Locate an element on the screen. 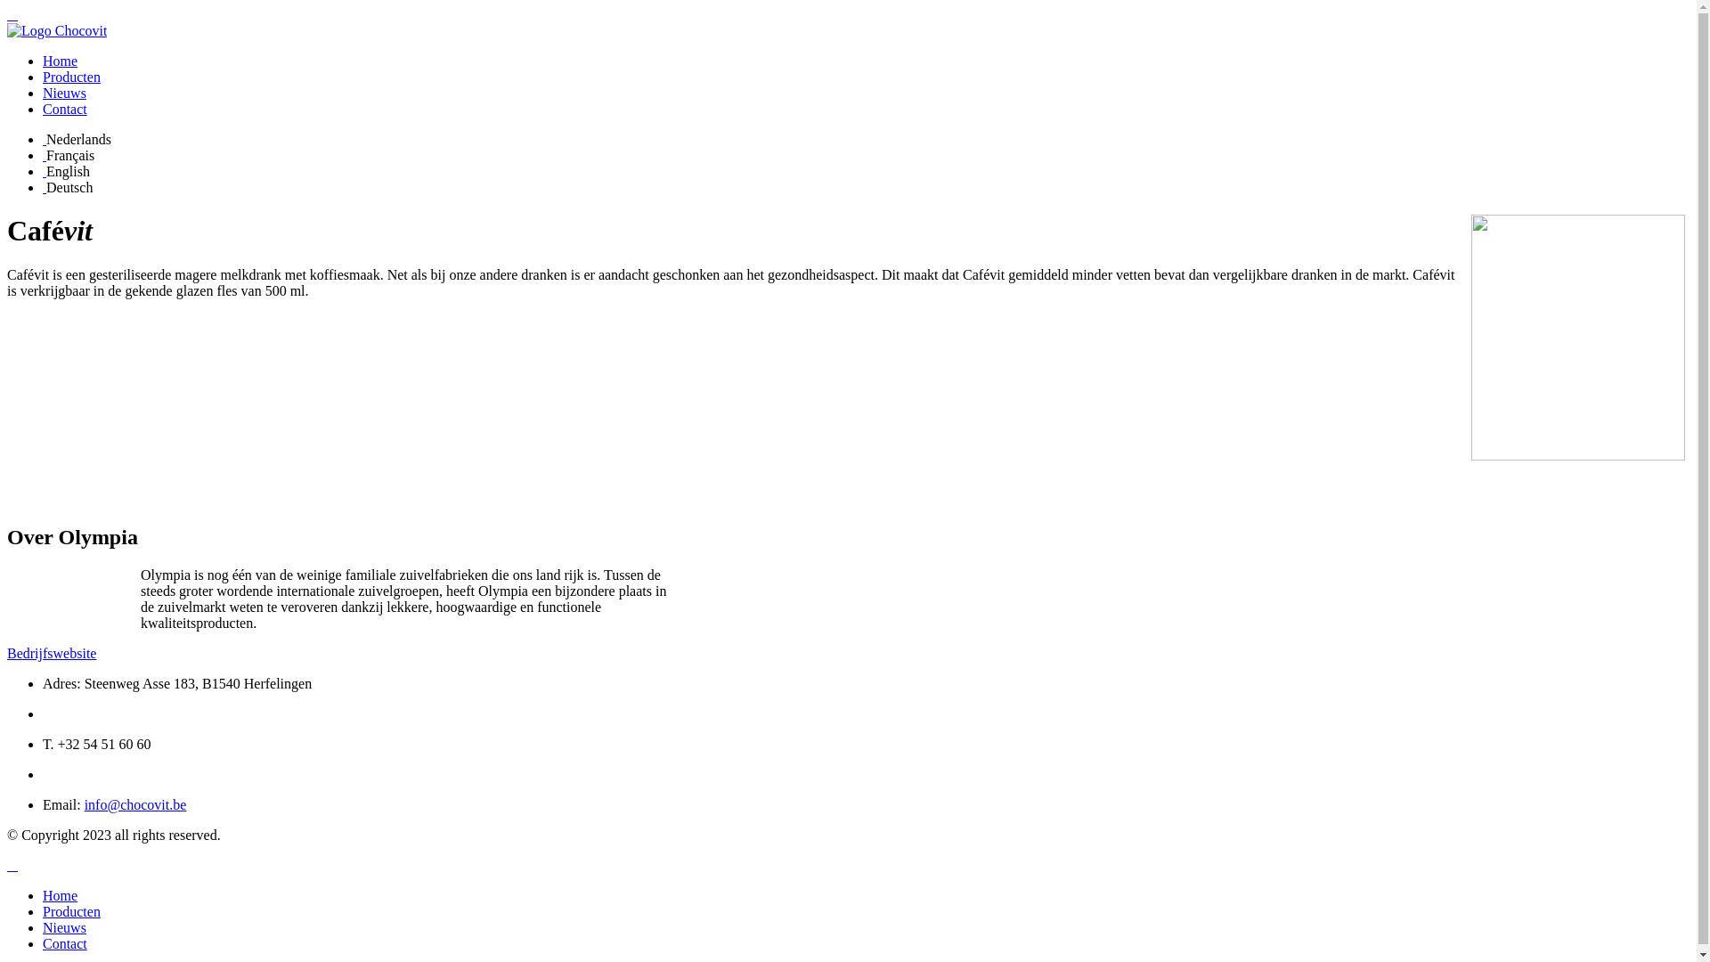  ' ' is located at coordinates (44, 187).